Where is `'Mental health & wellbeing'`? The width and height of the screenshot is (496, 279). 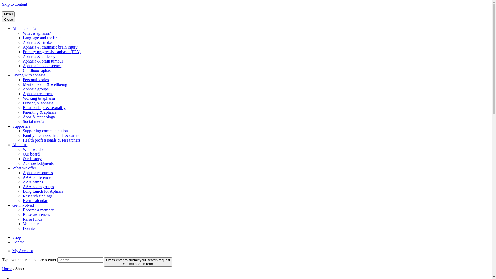 'Mental health & wellbeing' is located at coordinates (22, 84).